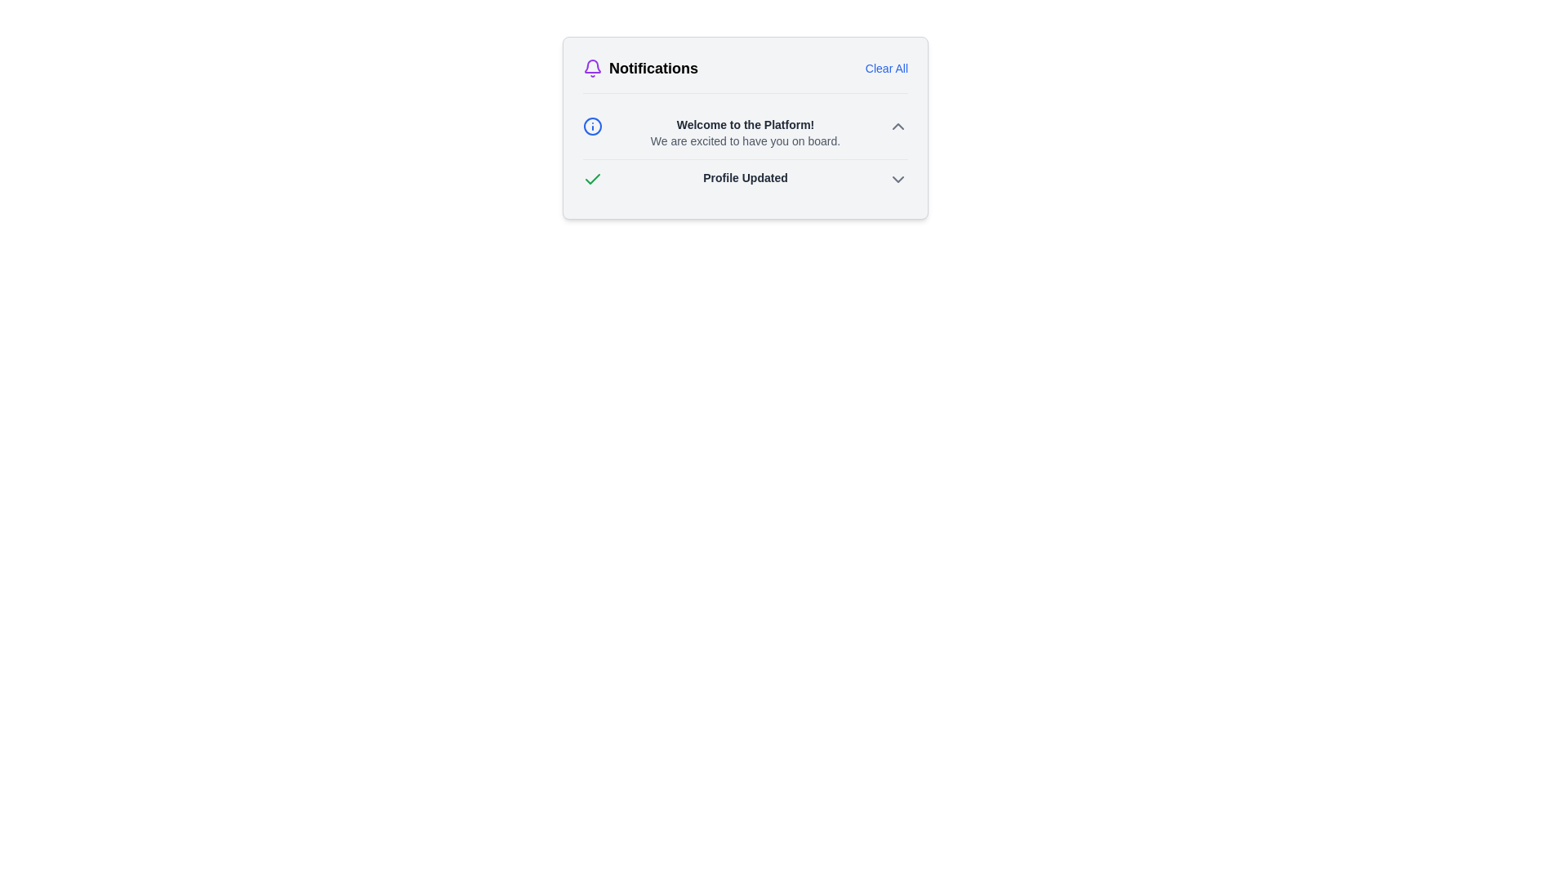  Describe the element at coordinates (744, 131) in the screenshot. I see `message from the Notification panel item that displays a welcoming message, located above the 'Profile Updated' notification and under the 'Notifications' header` at that location.